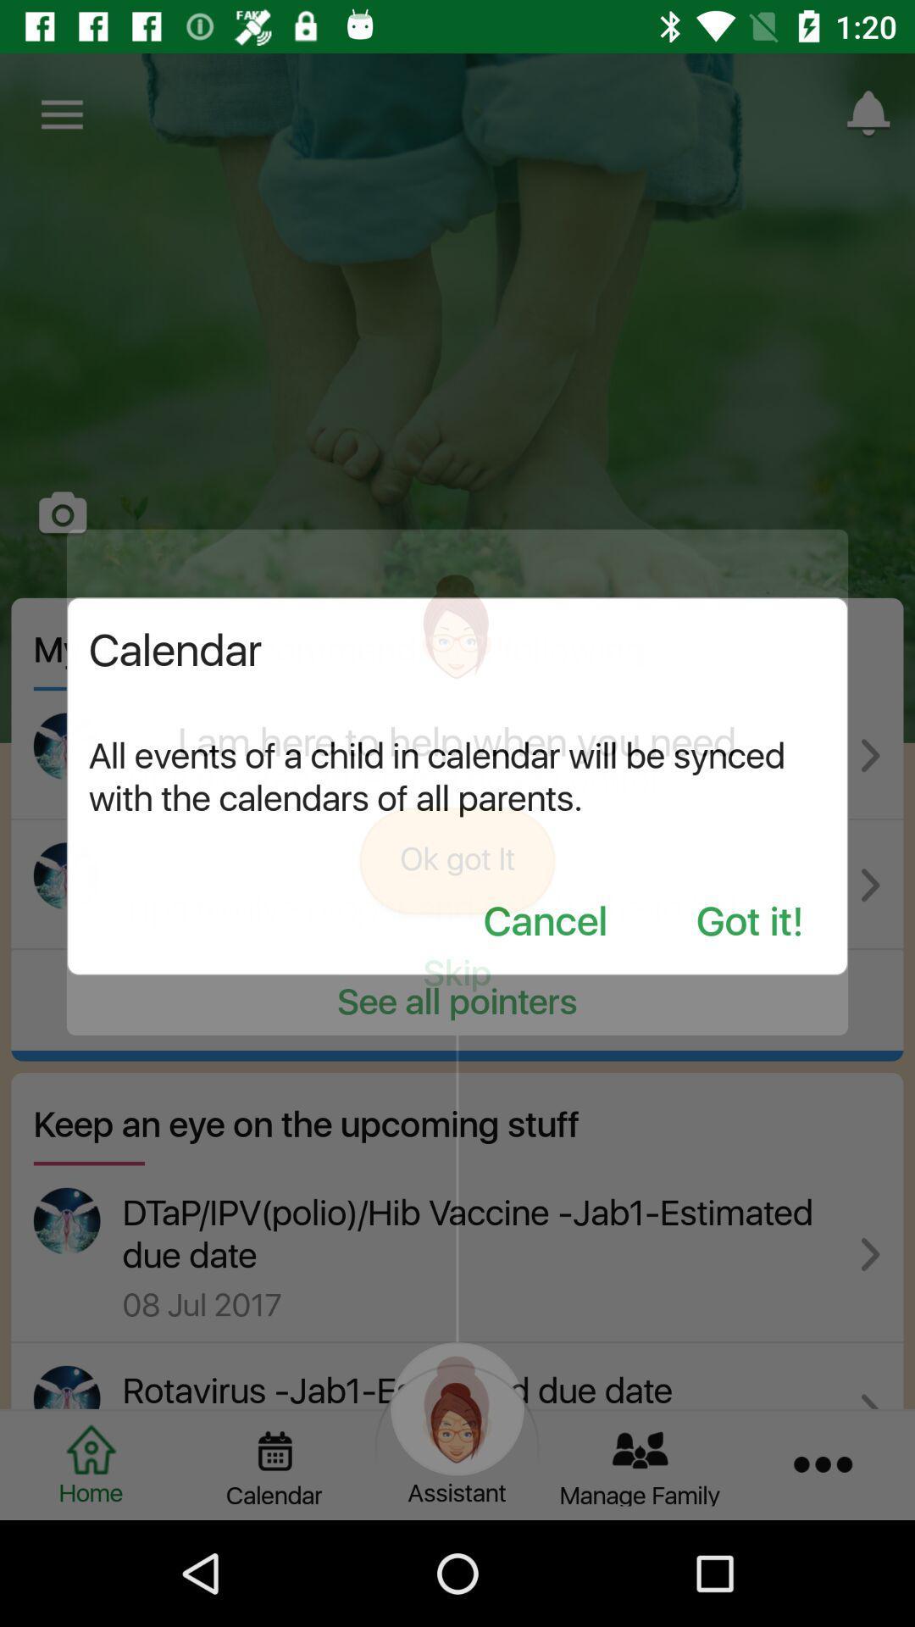  What do you see at coordinates (545, 922) in the screenshot?
I see `icon to the left of the got it! item` at bounding box center [545, 922].